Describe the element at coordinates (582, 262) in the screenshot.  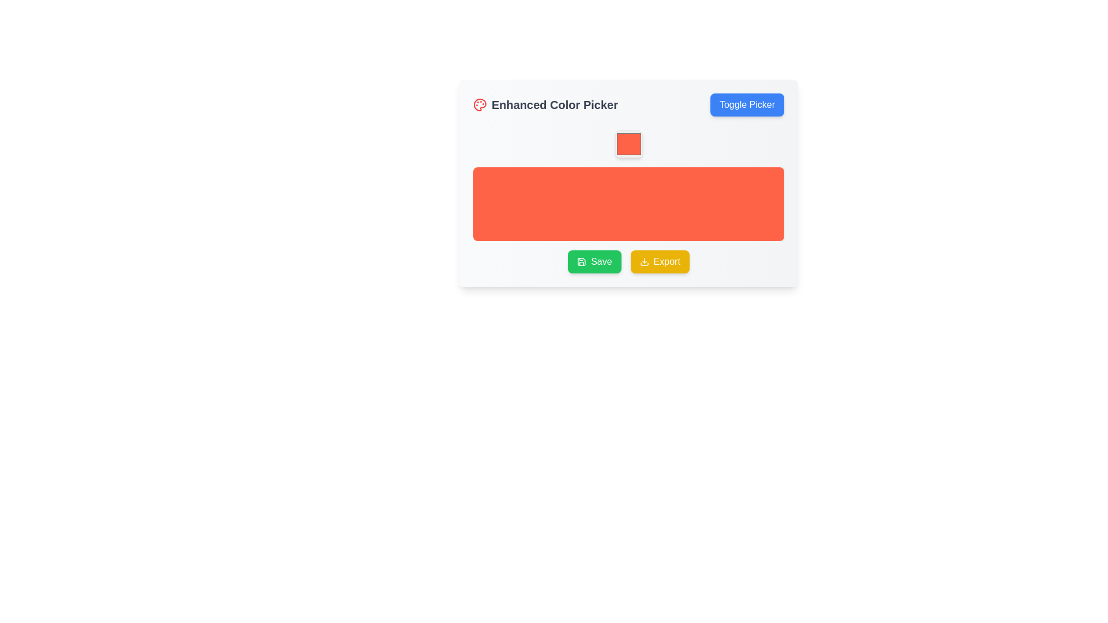
I see `the 'Save' button which features a save icon located on the left side of the button's text` at that location.